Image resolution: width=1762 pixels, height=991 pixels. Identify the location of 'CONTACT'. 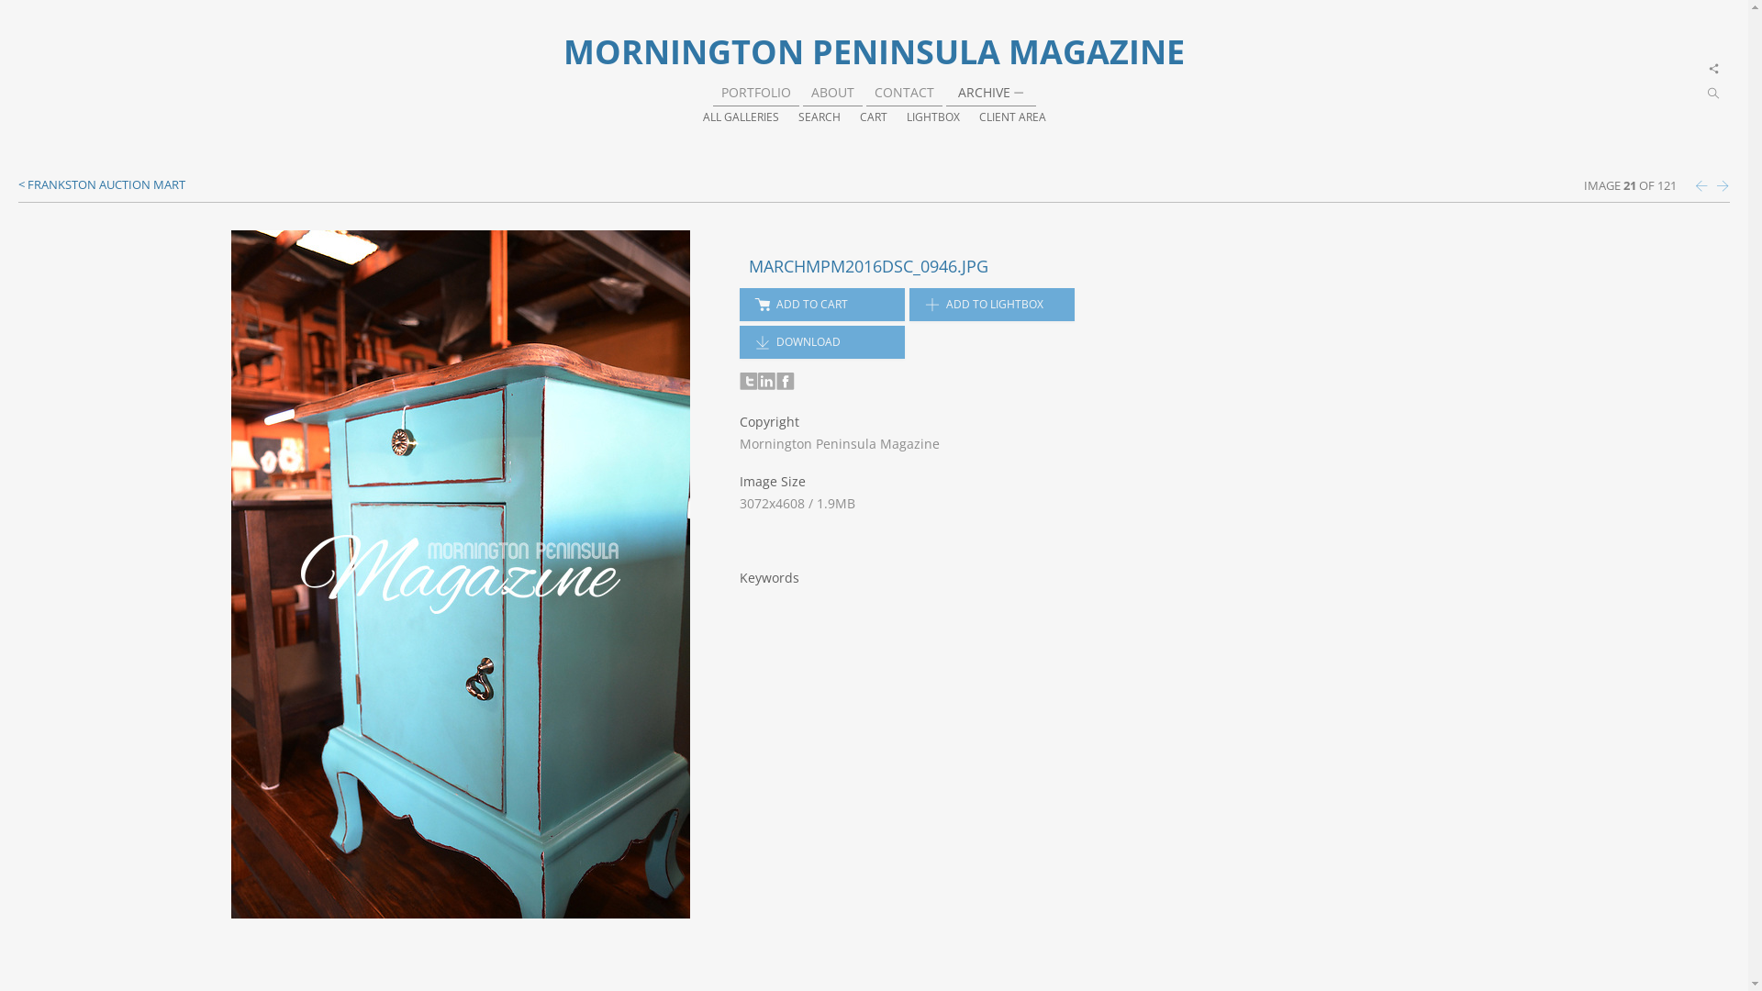
(872, 92).